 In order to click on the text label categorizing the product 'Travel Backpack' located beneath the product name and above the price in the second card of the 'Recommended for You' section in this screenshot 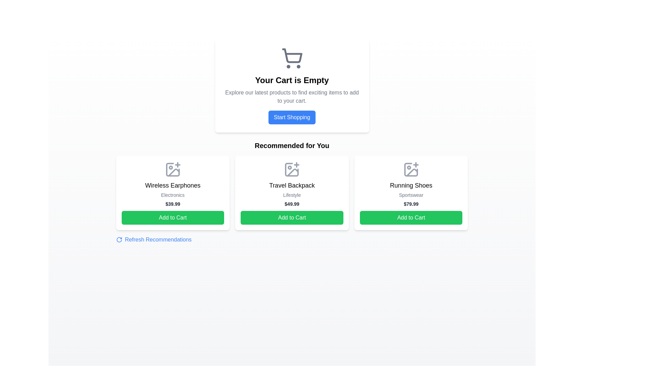, I will do `click(292, 195)`.